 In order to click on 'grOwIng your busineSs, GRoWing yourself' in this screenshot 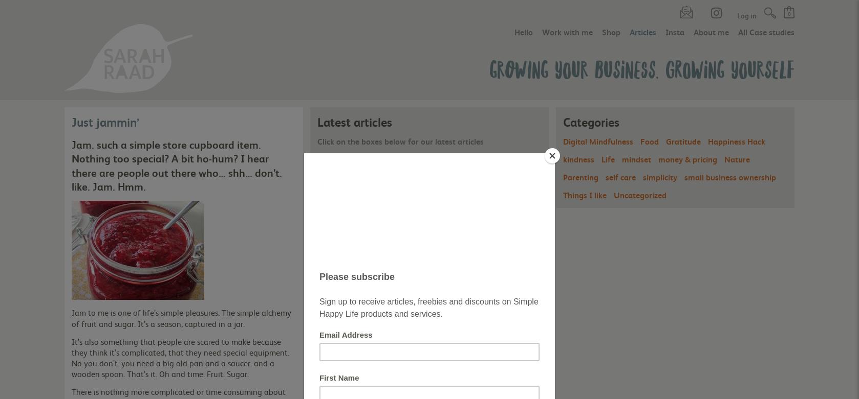, I will do `click(641, 67)`.